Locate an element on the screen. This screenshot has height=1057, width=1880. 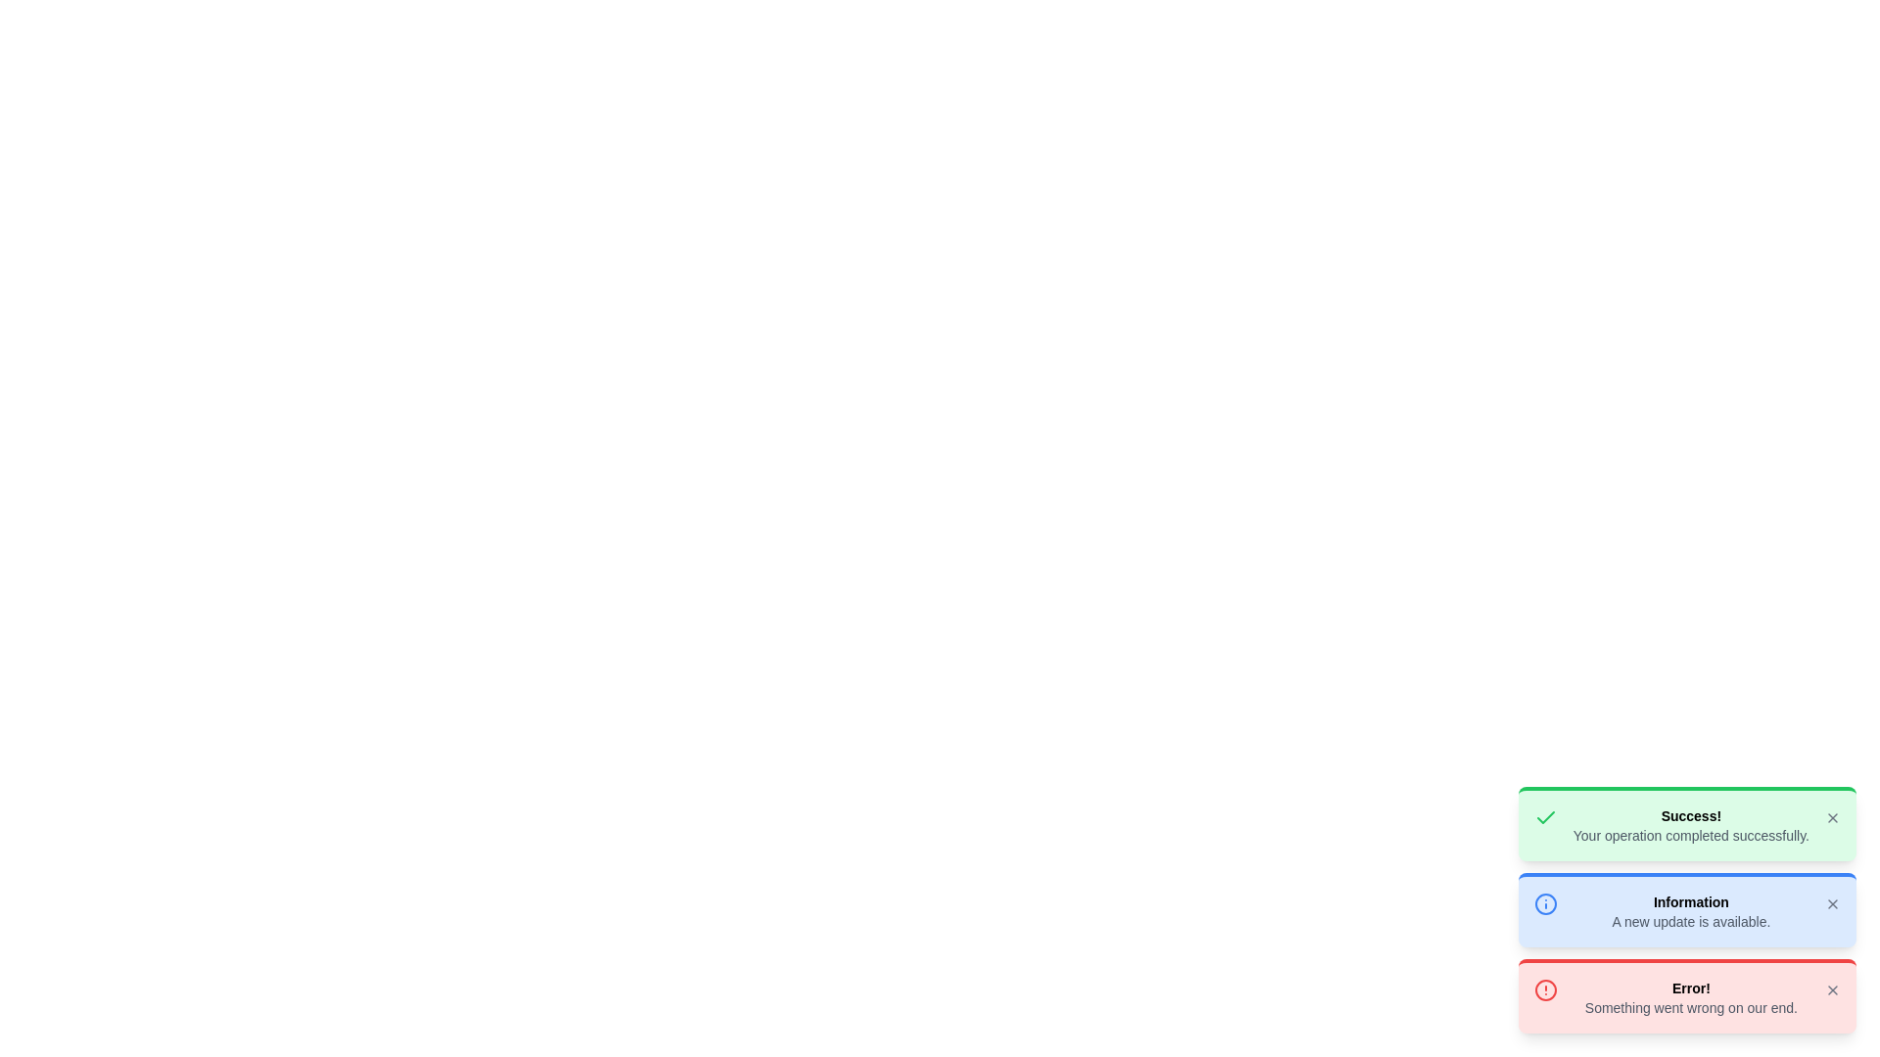
the message displayed in the blue notification box that contains the title 'Information' and the text 'A new update is available.' is located at coordinates (1690, 912).